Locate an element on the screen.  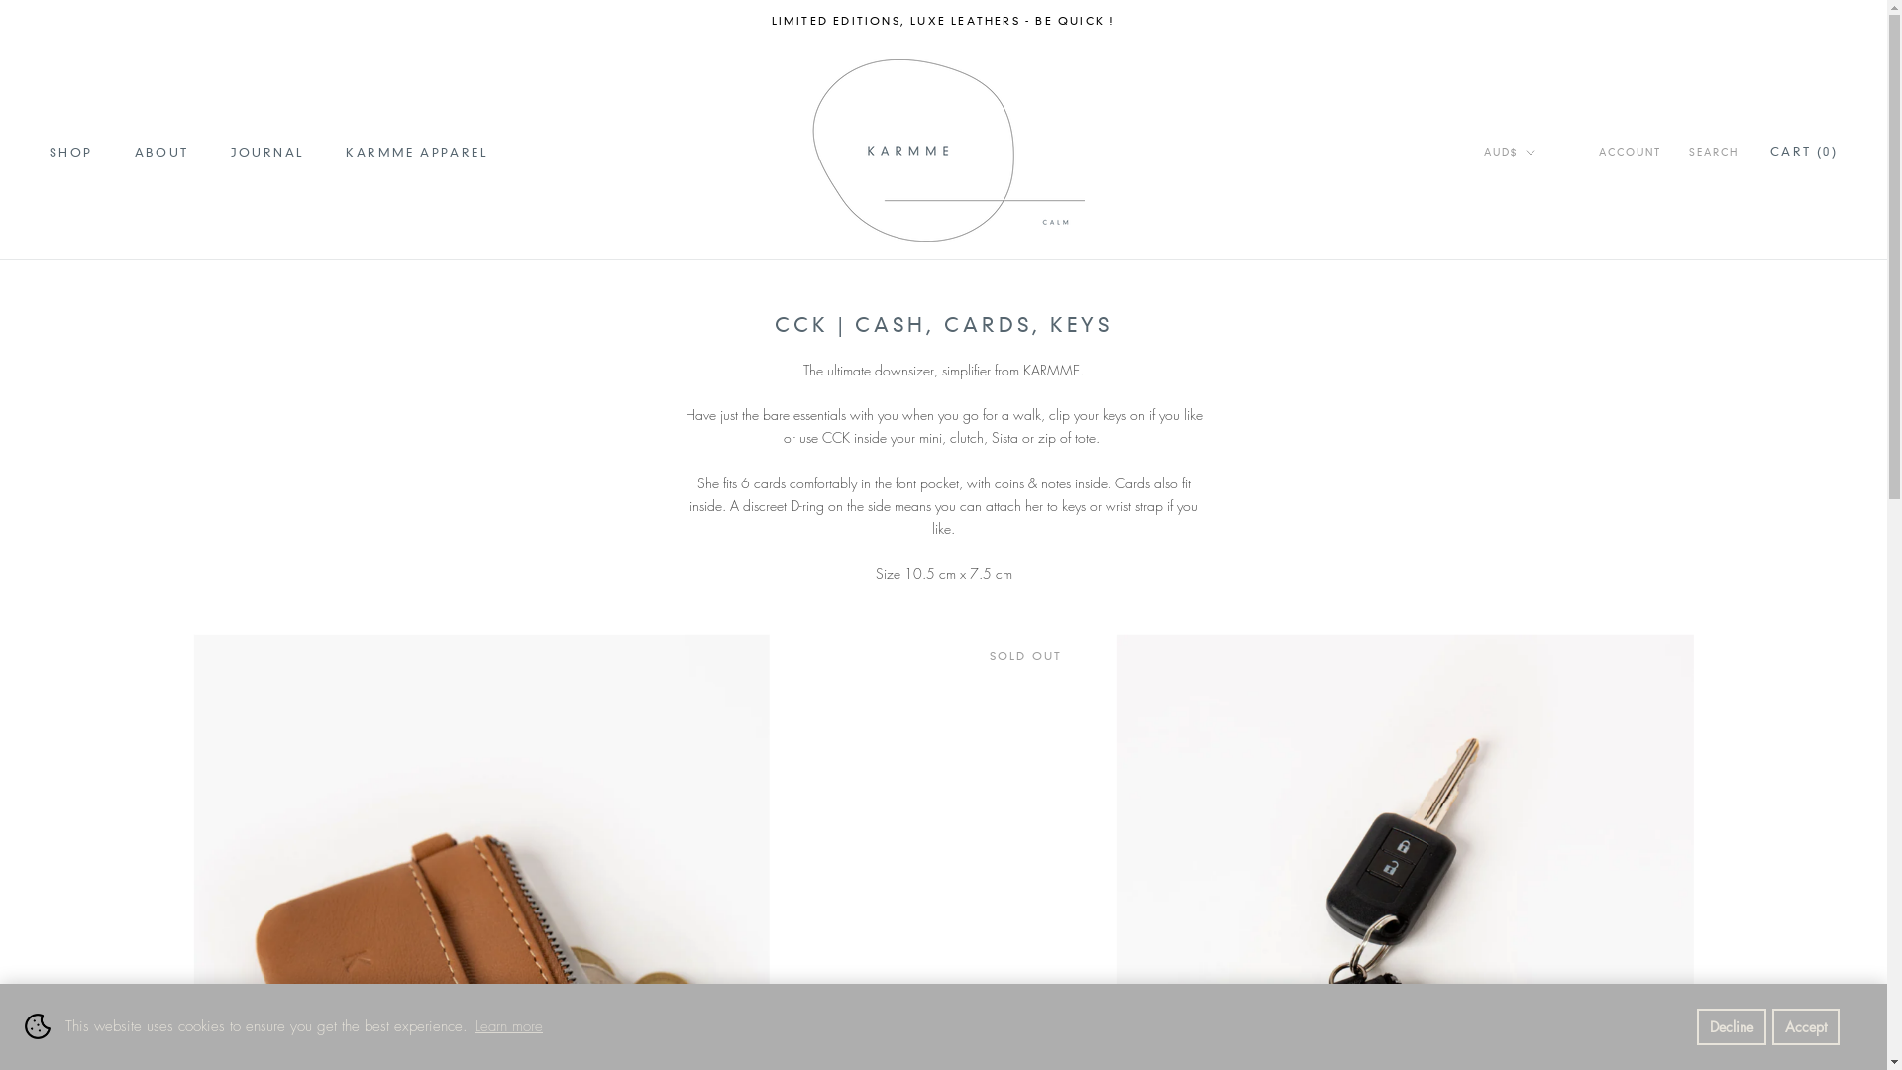
'AUD' is located at coordinates (1534, 193).